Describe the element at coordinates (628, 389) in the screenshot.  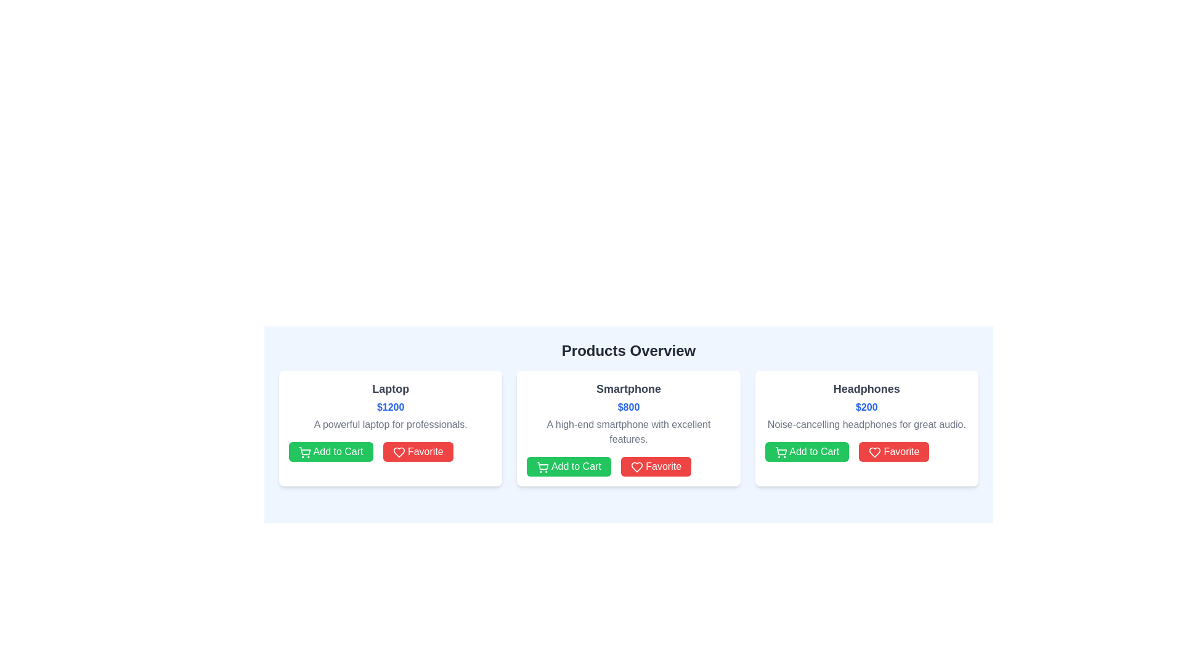
I see `the product title text label located in the central product card, positioned above the price and product description` at that location.